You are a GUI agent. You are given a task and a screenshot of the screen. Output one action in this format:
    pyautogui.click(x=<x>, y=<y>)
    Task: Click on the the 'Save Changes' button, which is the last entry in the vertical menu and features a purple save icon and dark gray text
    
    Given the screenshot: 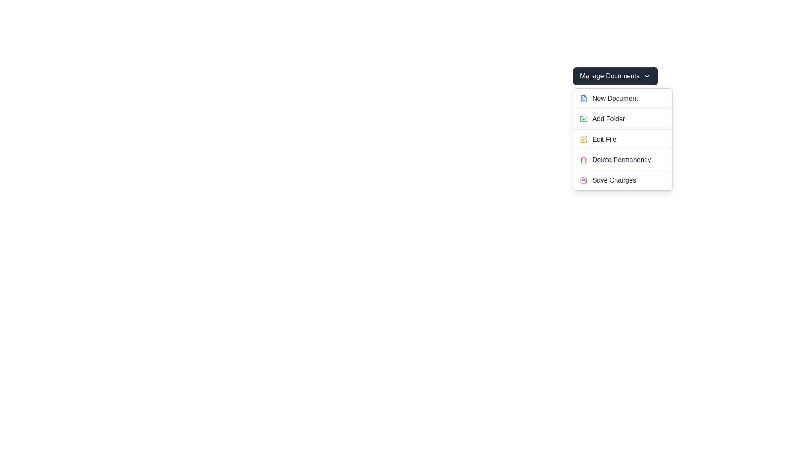 What is the action you would take?
    pyautogui.click(x=622, y=180)
    